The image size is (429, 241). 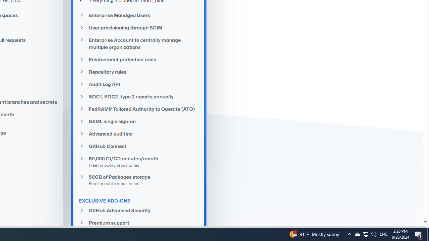 I want to click on 'Repository rules', so click(x=138, y=72).